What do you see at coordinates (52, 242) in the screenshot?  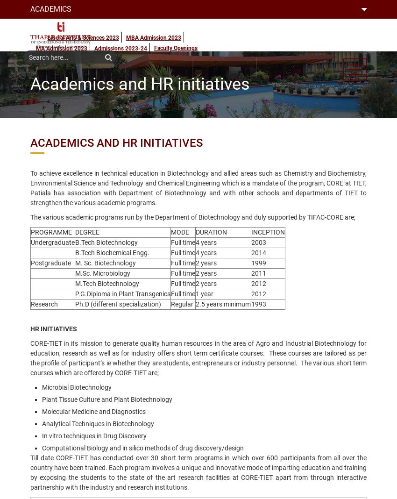 I see `'Undergraduate'` at bounding box center [52, 242].